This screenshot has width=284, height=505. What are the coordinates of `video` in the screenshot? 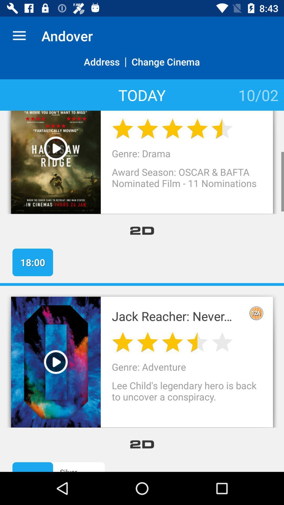 It's located at (56, 361).